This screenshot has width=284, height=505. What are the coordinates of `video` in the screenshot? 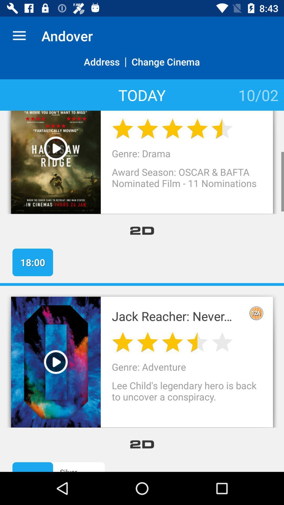 It's located at (56, 361).